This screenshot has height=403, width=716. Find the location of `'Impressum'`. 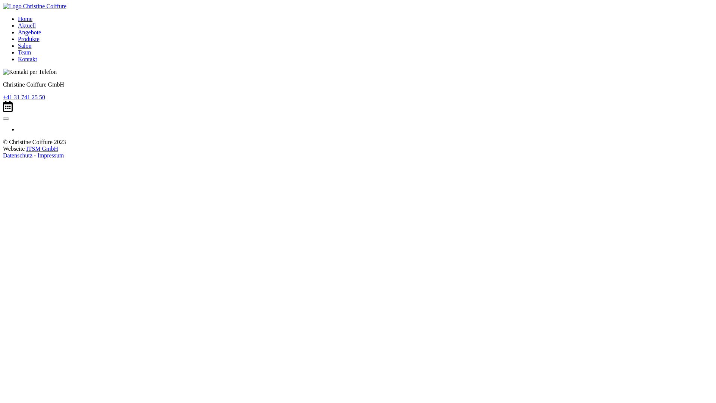

'Impressum' is located at coordinates (50, 155).